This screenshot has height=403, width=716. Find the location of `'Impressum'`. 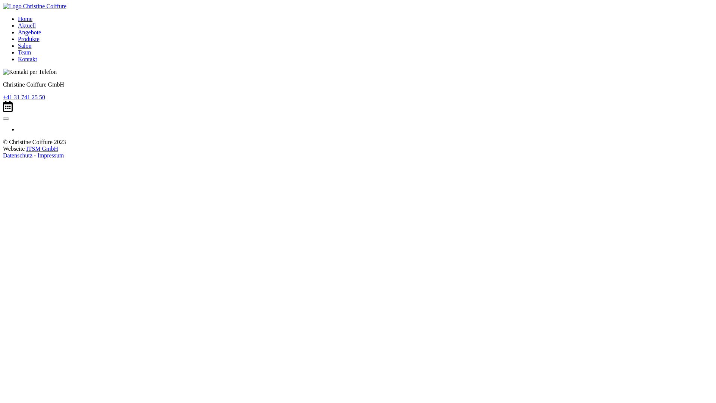

'Impressum' is located at coordinates (50, 155).